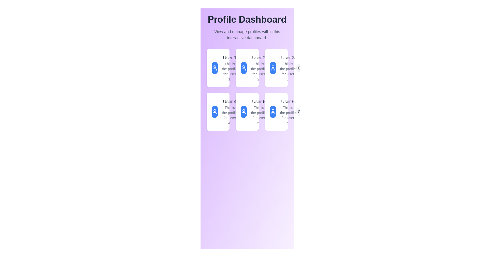 This screenshot has height=275, width=488. What do you see at coordinates (247, 67) in the screenshot?
I see `the blue circular icon with a white user figure` at bounding box center [247, 67].